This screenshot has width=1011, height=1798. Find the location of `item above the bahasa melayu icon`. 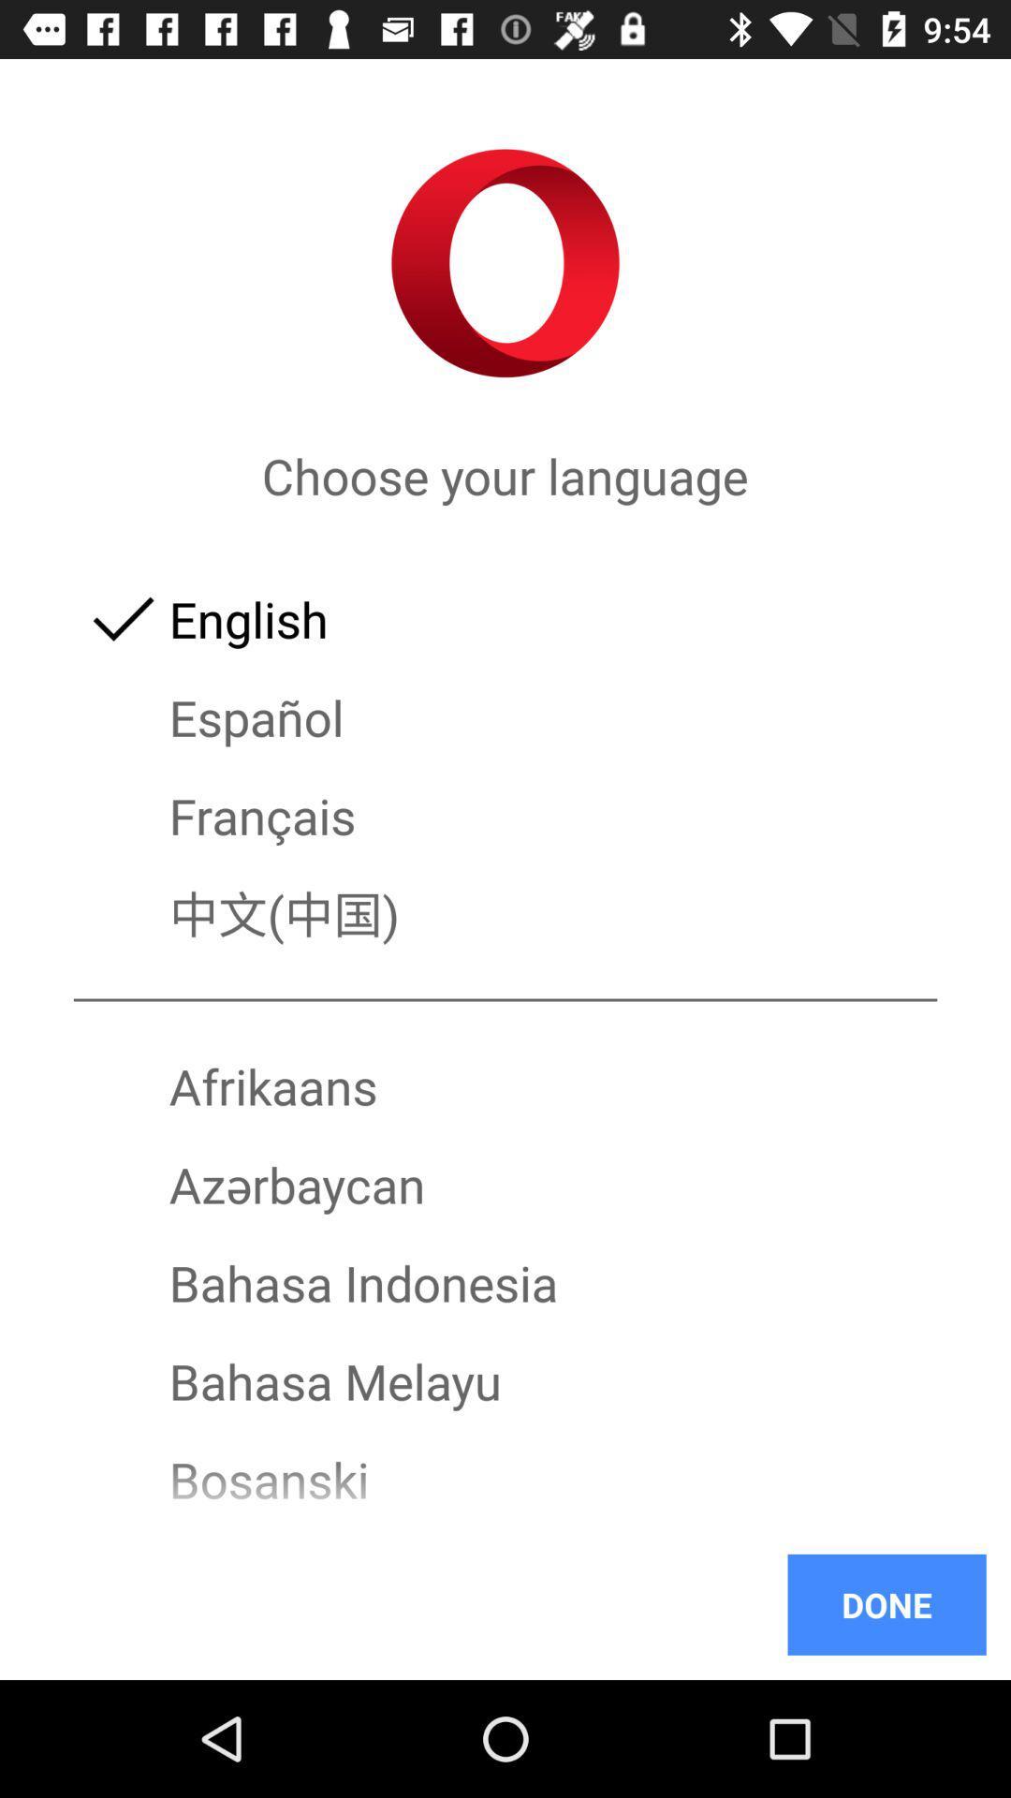

item above the bahasa melayu icon is located at coordinates (505, 1282).